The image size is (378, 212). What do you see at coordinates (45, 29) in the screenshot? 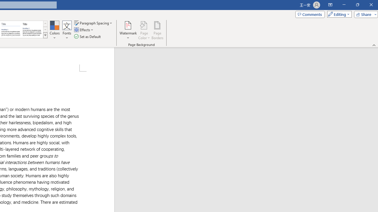
I see `'Row Down'` at bounding box center [45, 29].